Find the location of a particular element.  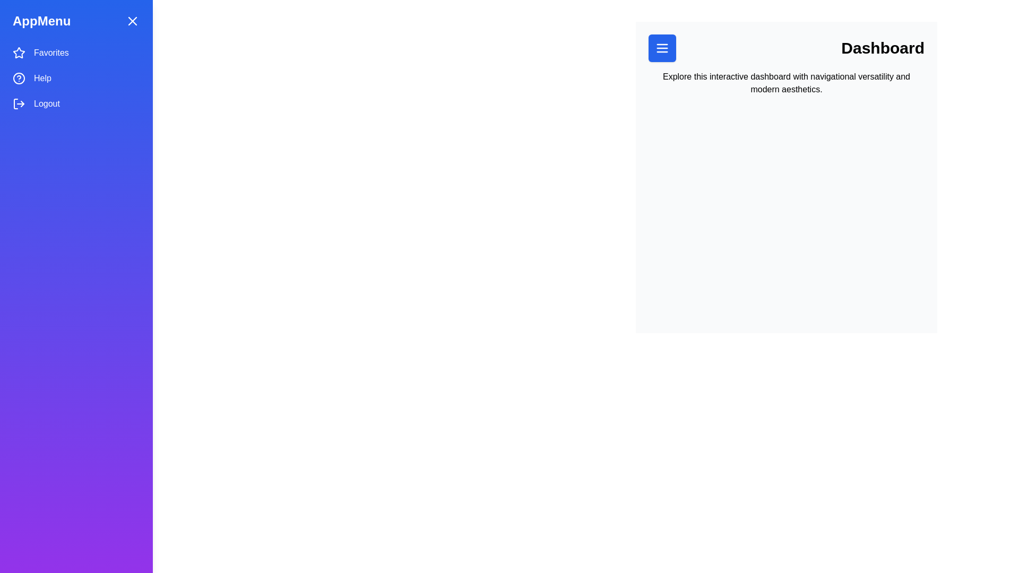

the 'X' icon located at the top-right corner of the blue sidebar is located at coordinates (132, 21).